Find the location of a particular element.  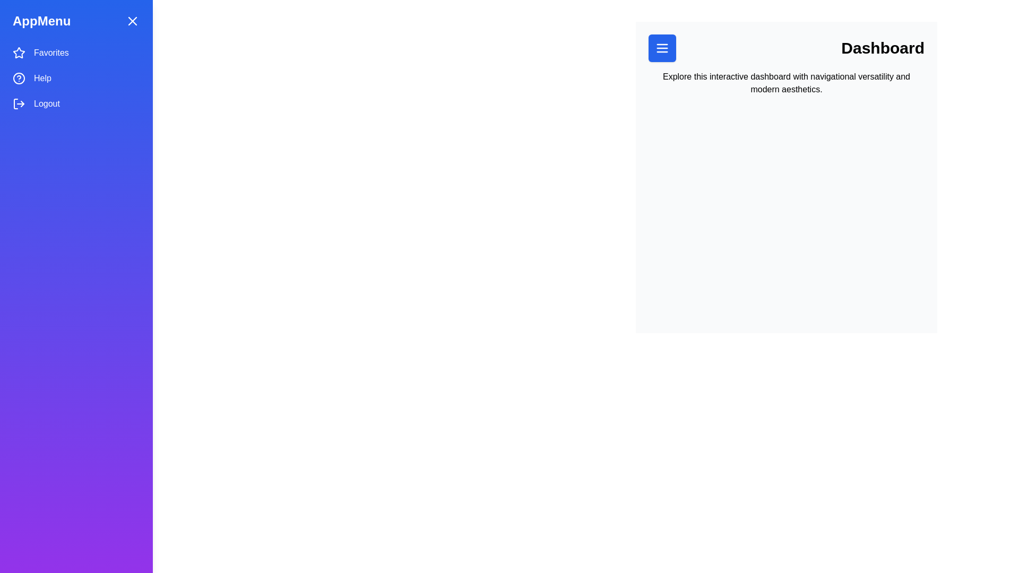

the 'X' icon located at the top-right corner of the blue sidebar is located at coordinates (132, 21).